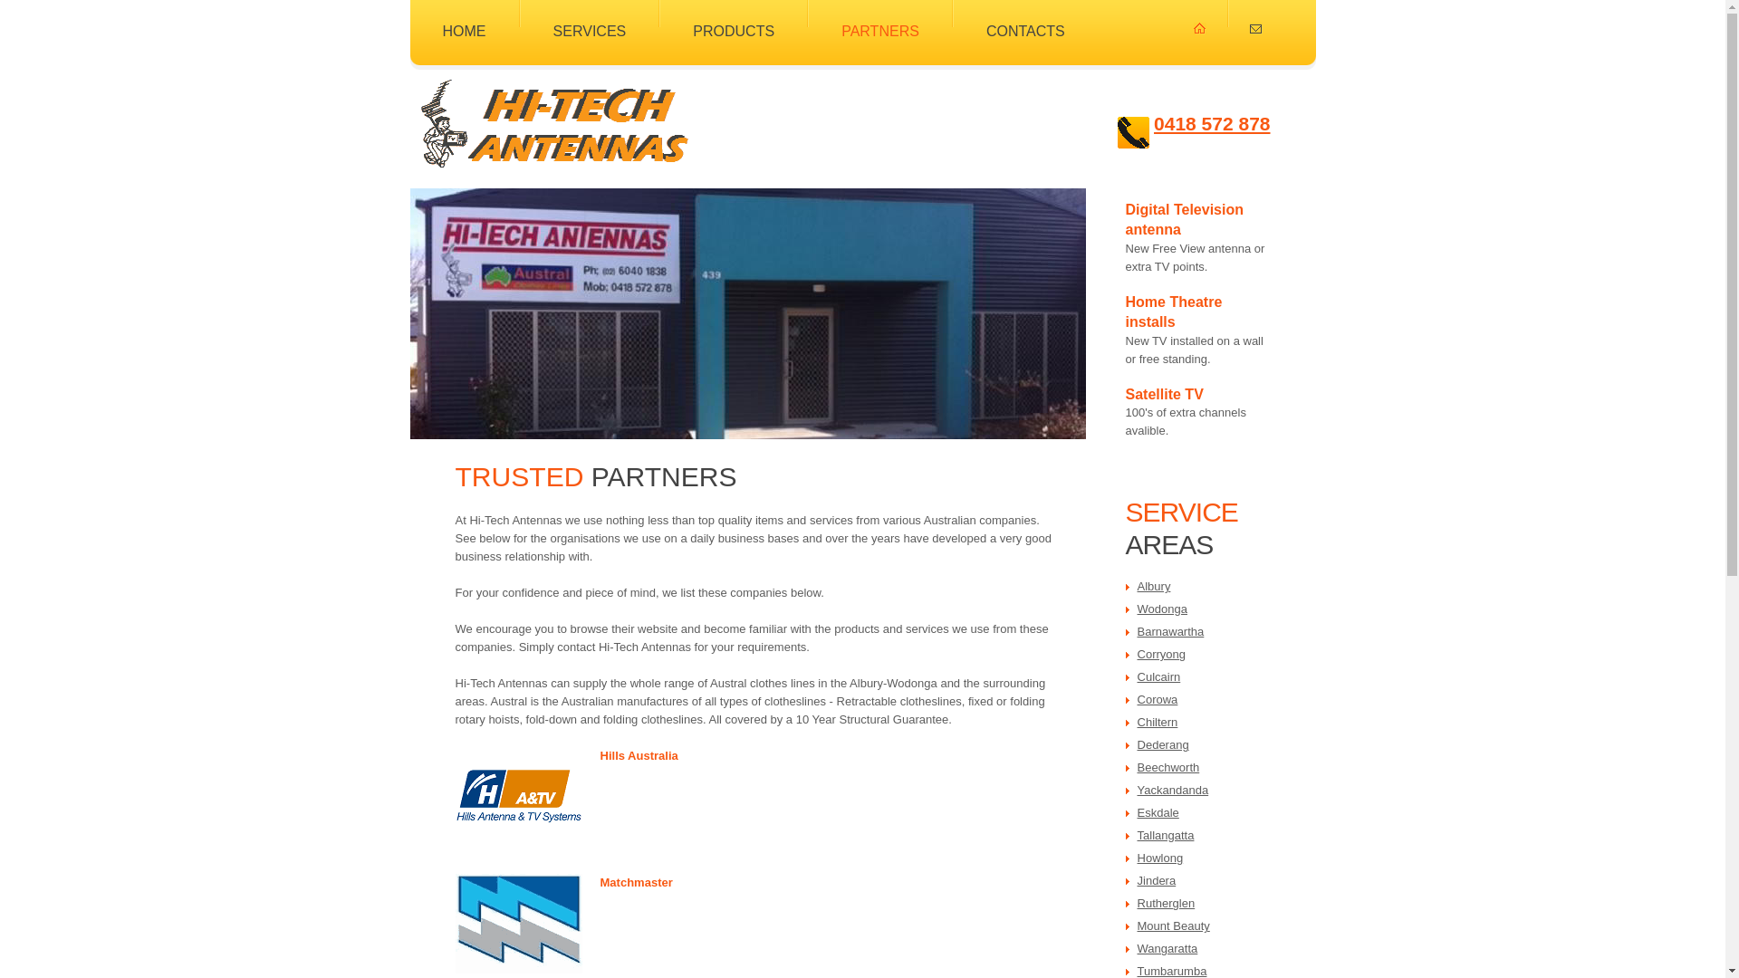 The height and width of the screenshot is (978, 1739). Describe the element at coordinates (1163, 744) in the screenshot. I see `'Dederang'` at that location.